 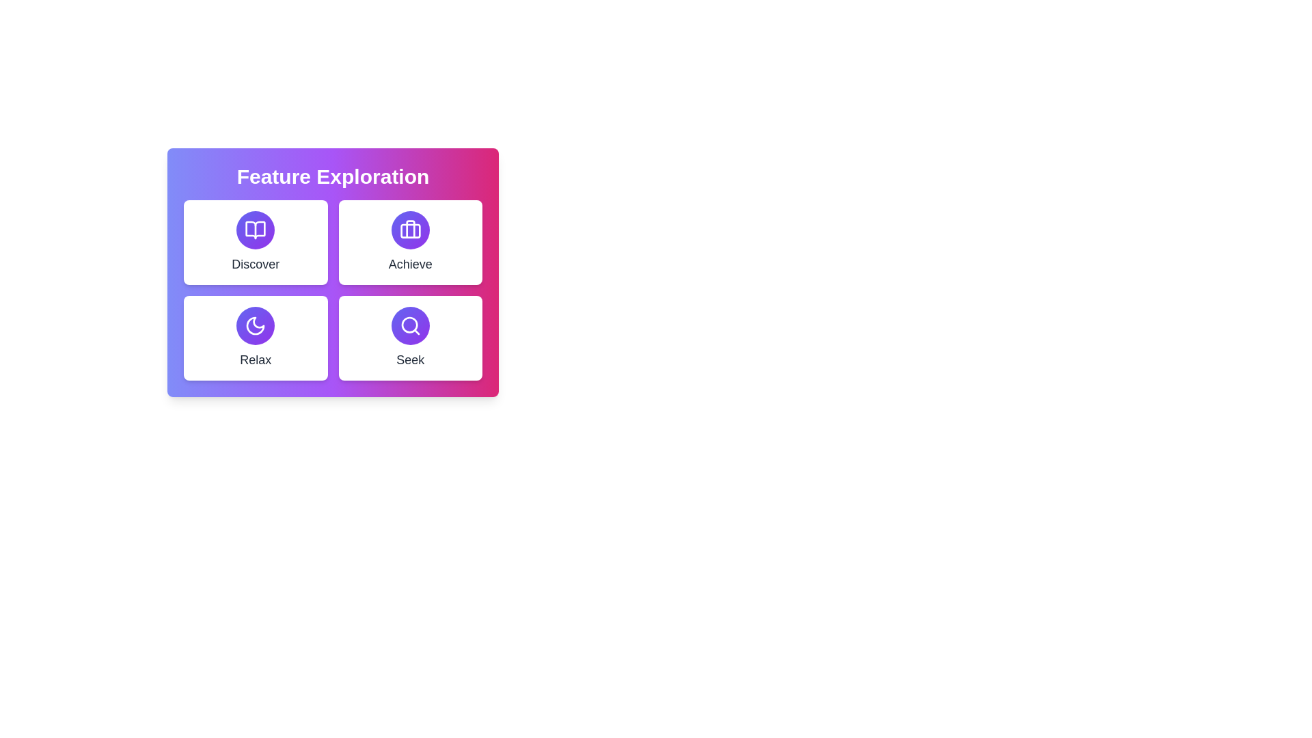 What do you see at coordinates (409, 229) in the screenshot?
I see `the circular icon with a gradient background transitioning from indigo to purple, featuring a white briefcase symbol in line art style, located in the top-right quadrant of the 'Achieve' section under the 'Feature Exploration' header` at bounding box center [409, 229].